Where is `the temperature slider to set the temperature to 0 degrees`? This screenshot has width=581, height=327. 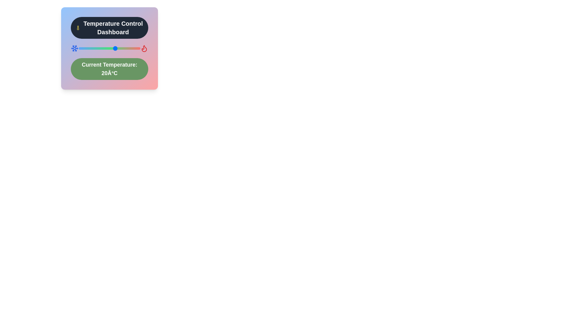
the temperature slider to set the temperature to 0 degrees is located at coordinates (90, 48).